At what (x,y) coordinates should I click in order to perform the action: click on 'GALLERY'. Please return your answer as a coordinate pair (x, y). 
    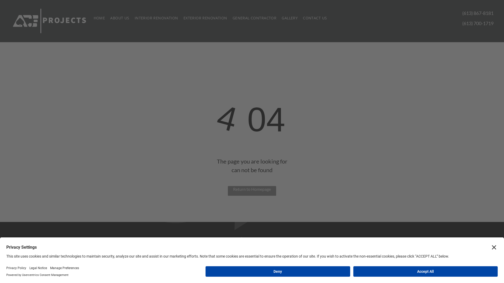
    Looking at the image, I should click on (289, 18).